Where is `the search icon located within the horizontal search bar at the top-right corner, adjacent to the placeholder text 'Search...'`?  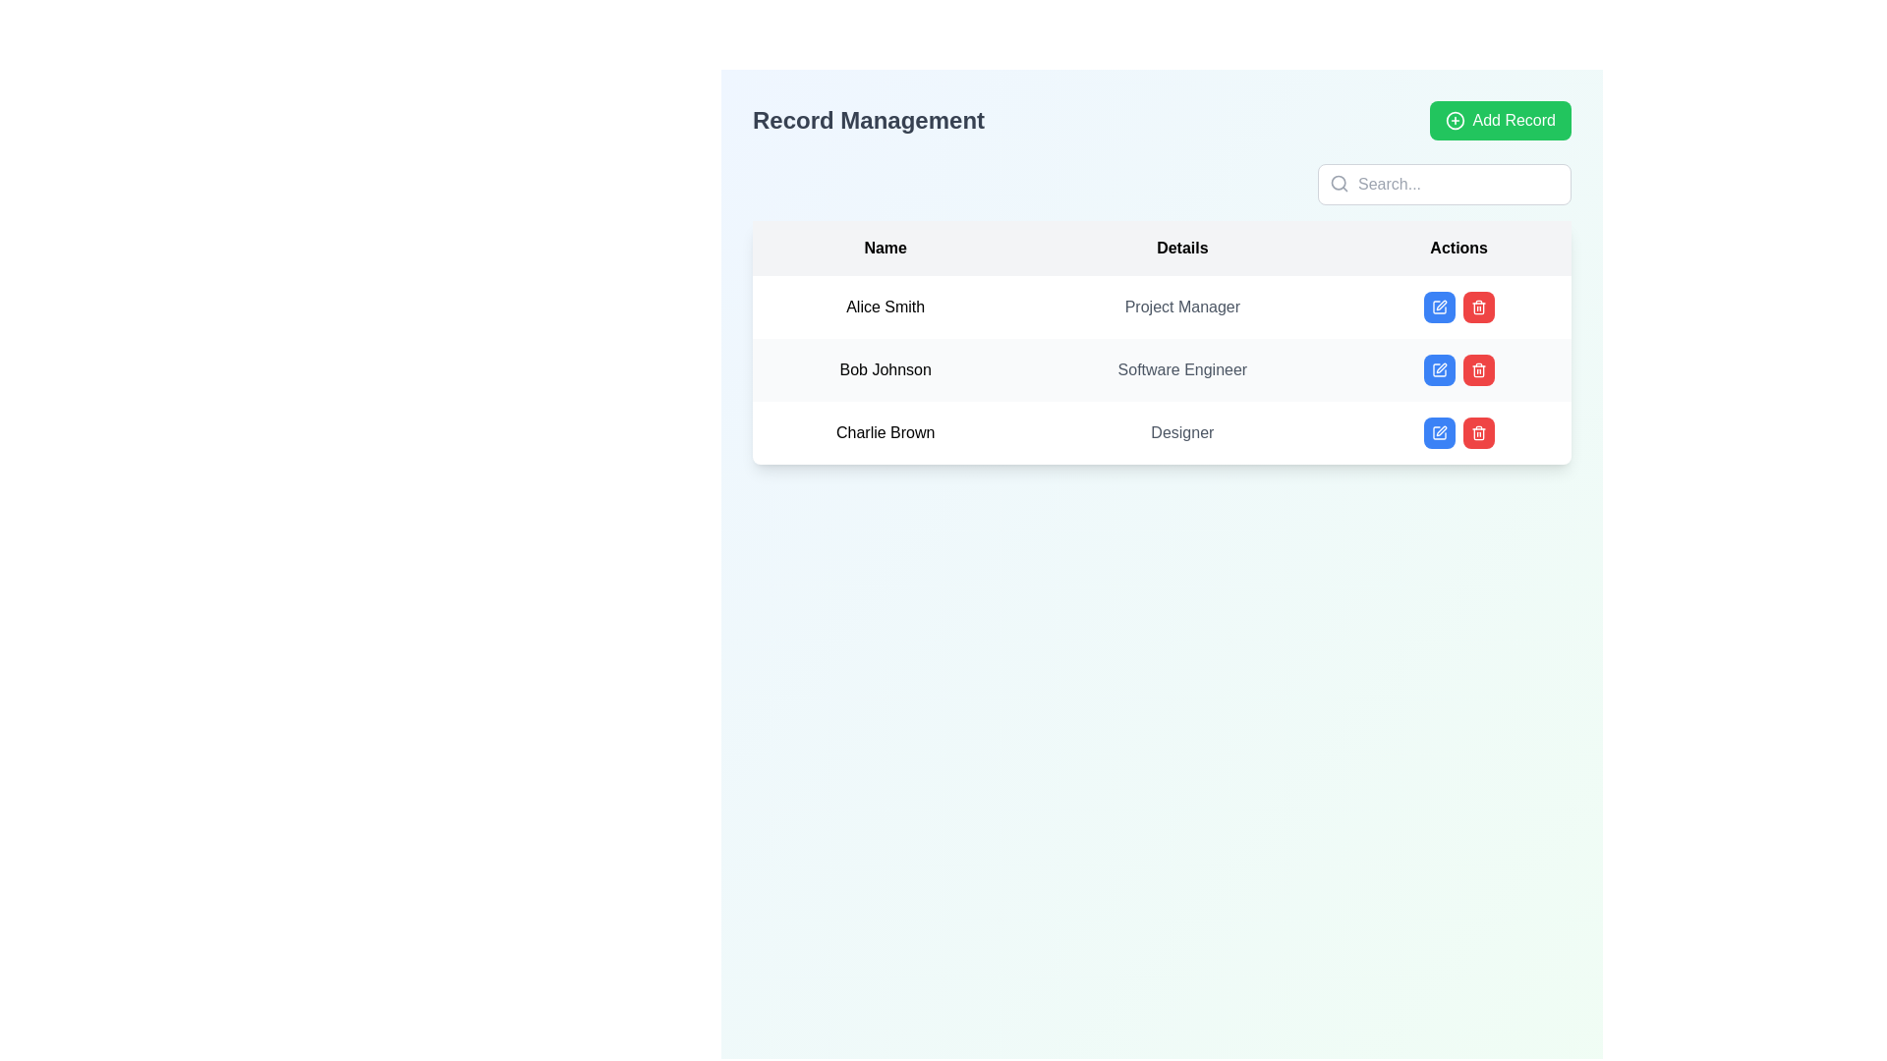 the search icon located within the horizontal search bar at the top-right corner, adjacent to the placeholder text 'Search...' is located at coordinates (1339, 183).